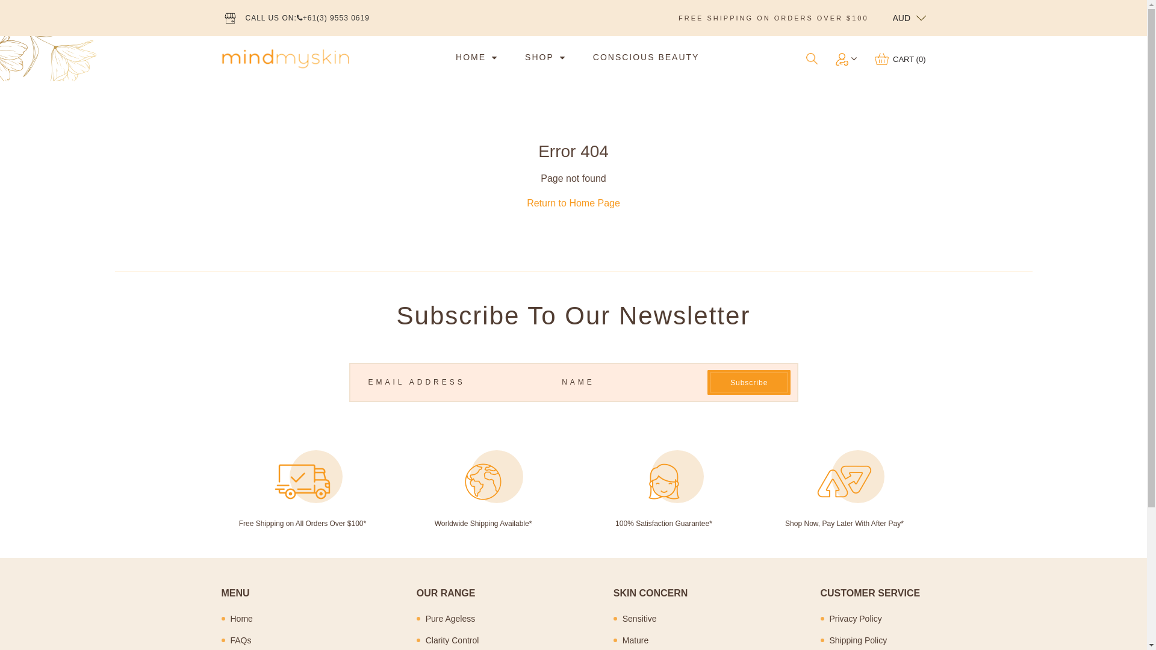 This screenshot has height=650, width=1156. Describe the element at coordinates (470, 56) in the screenshot. I see `'HOME'` at that location.